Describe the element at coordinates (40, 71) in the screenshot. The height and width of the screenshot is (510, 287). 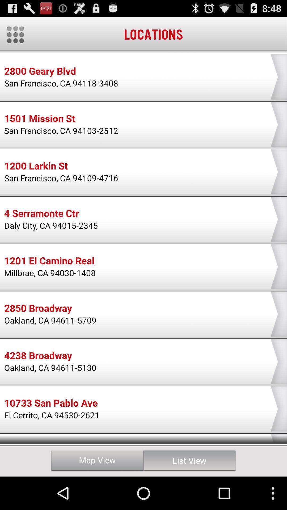
I see `icon above the san francisco ca icon` at that location.